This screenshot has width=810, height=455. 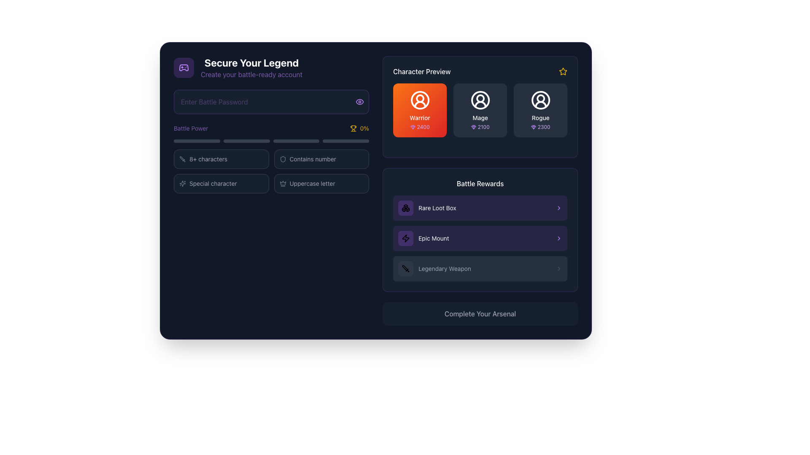 What do you see at coordinates (427, 208) in the screenshot?
I see `on the 'Rare Loot Box' label with icon in the 'Battle Rewards' section` at bounding box center [427, 208].